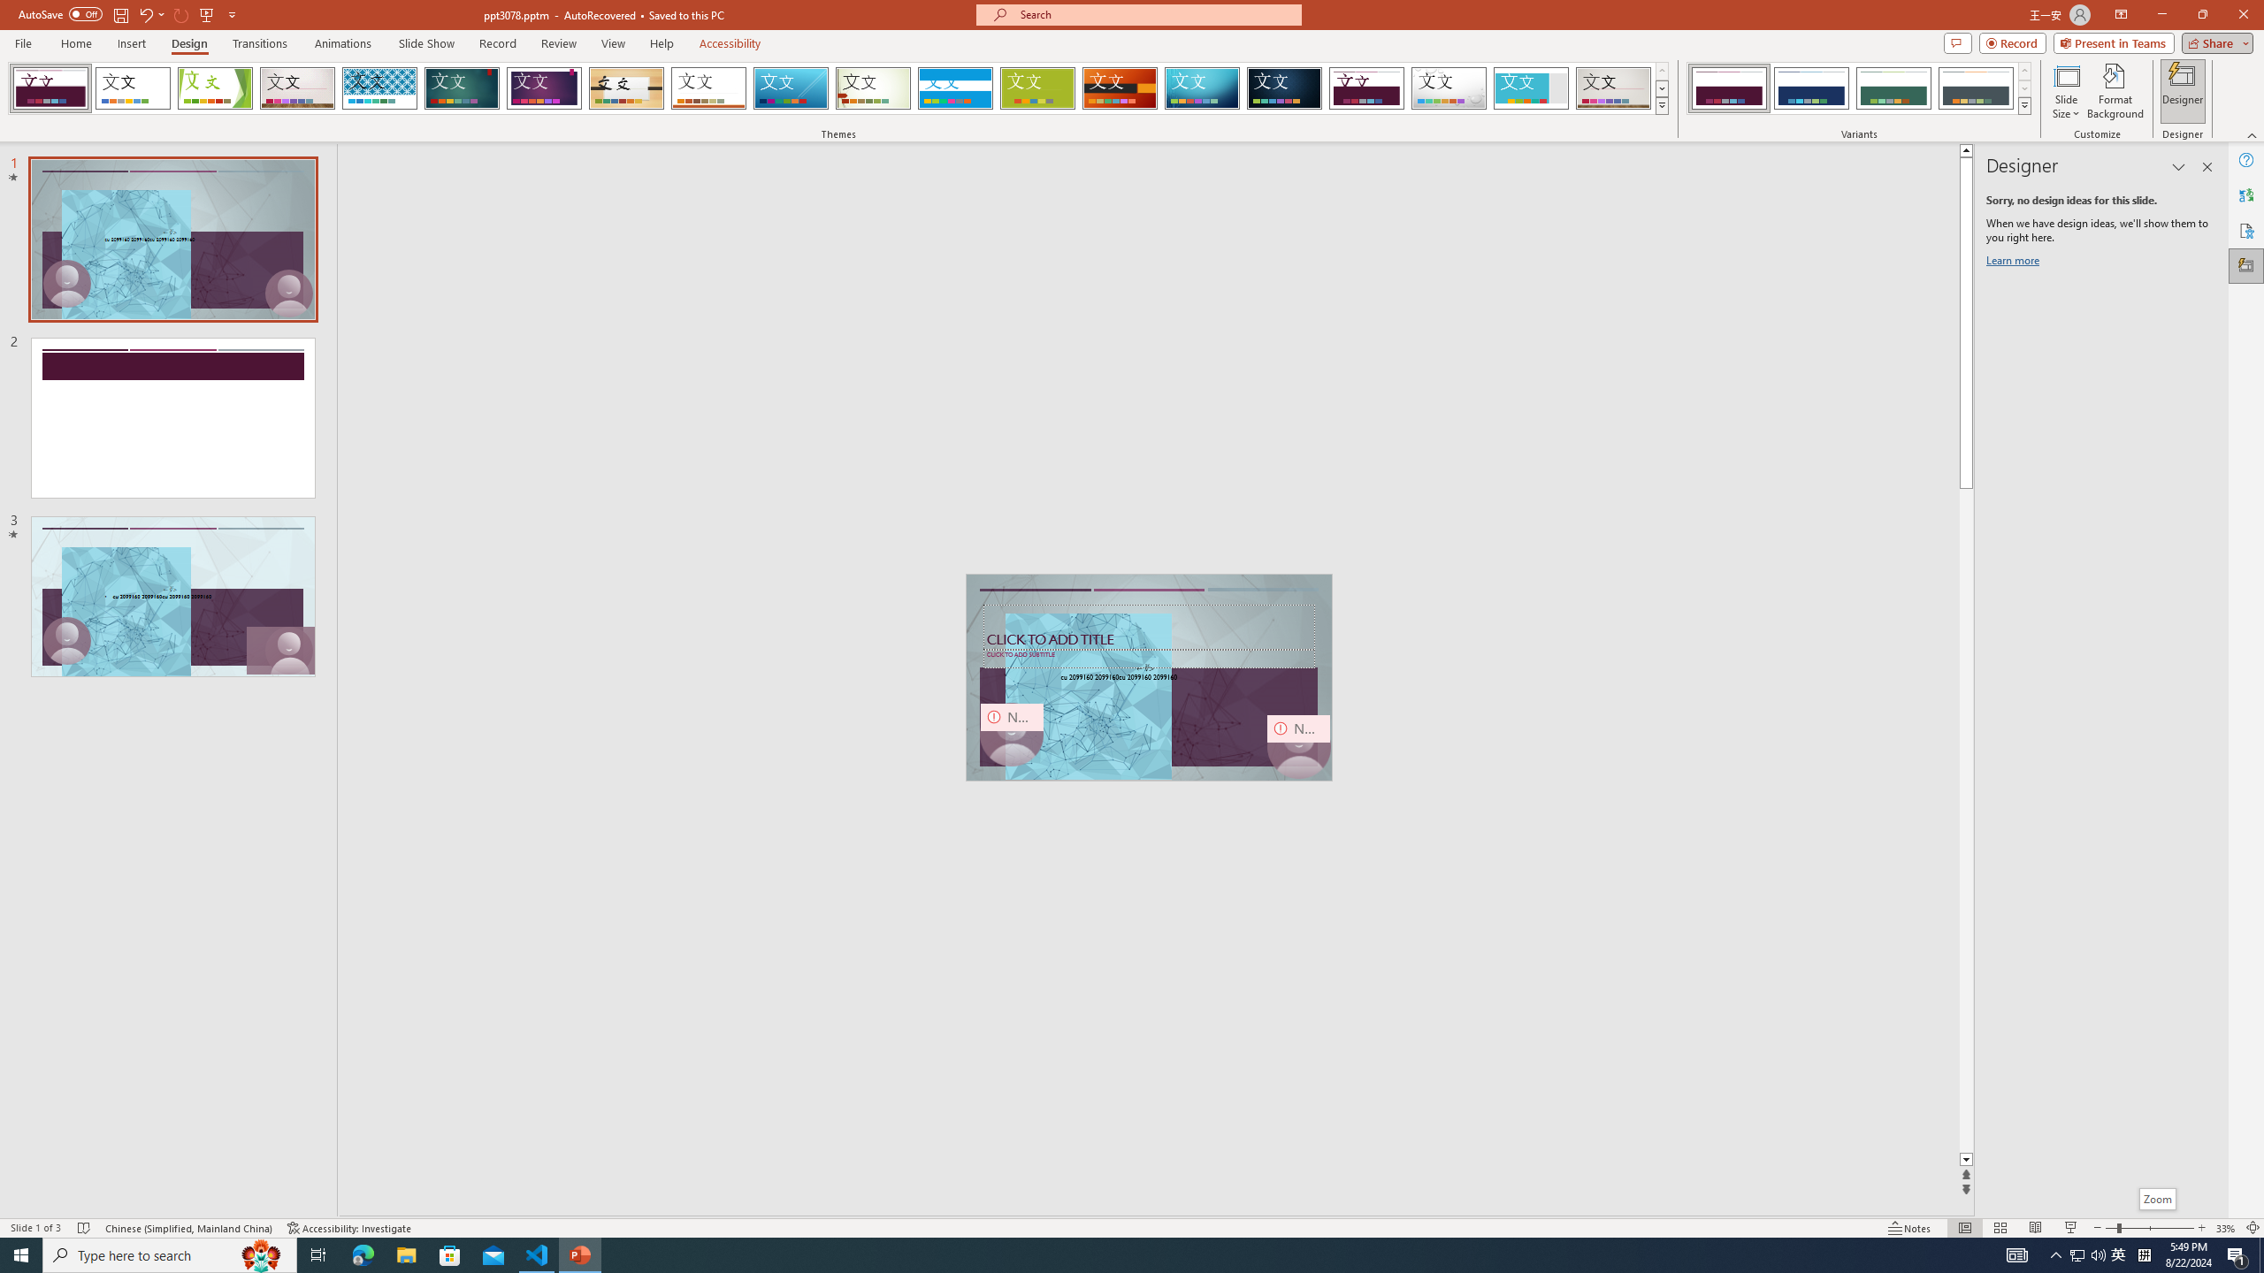 The width and height of the screenshot is (2264, 1273). Describe the element at coordinates (627, 88) in the screenshot. I see `'Organic'` at that location.